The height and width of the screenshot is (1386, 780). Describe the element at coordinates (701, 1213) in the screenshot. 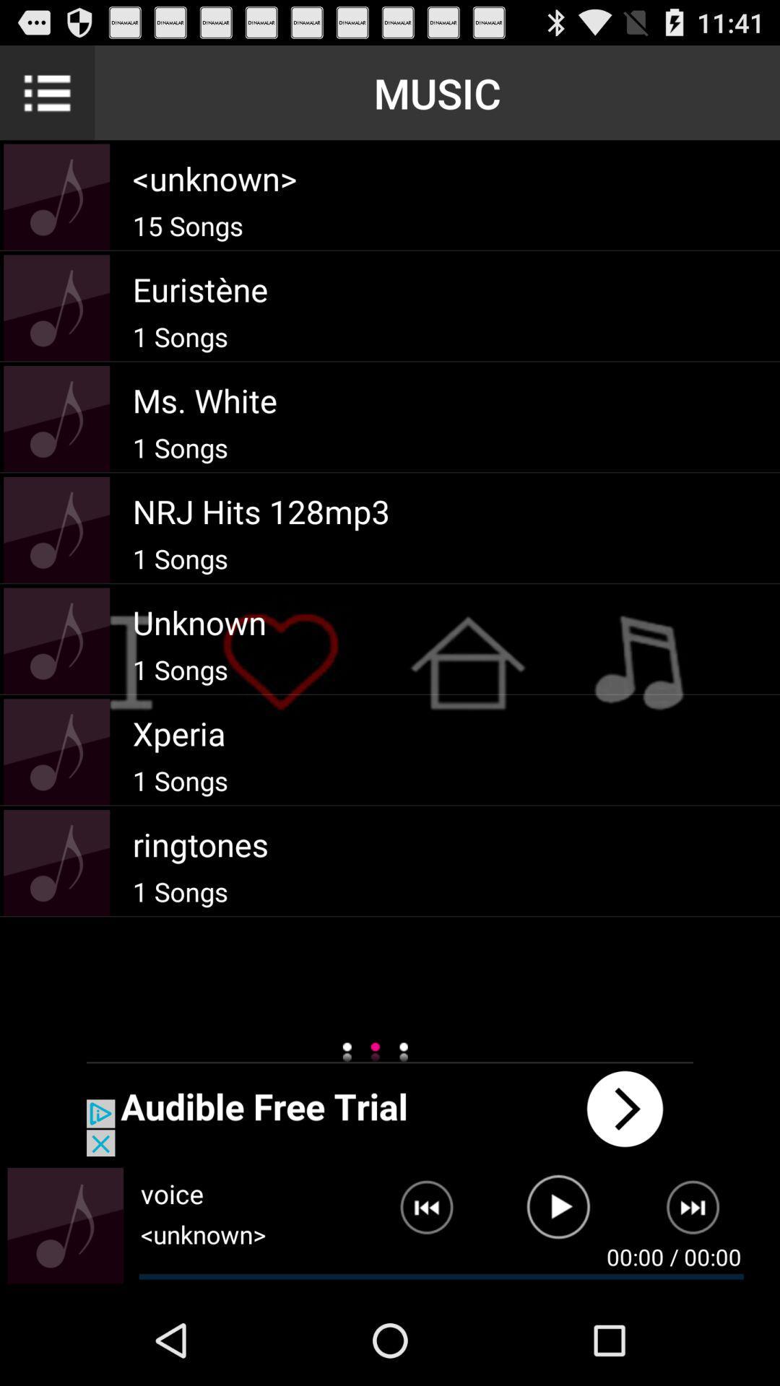

I see `next` at that location.